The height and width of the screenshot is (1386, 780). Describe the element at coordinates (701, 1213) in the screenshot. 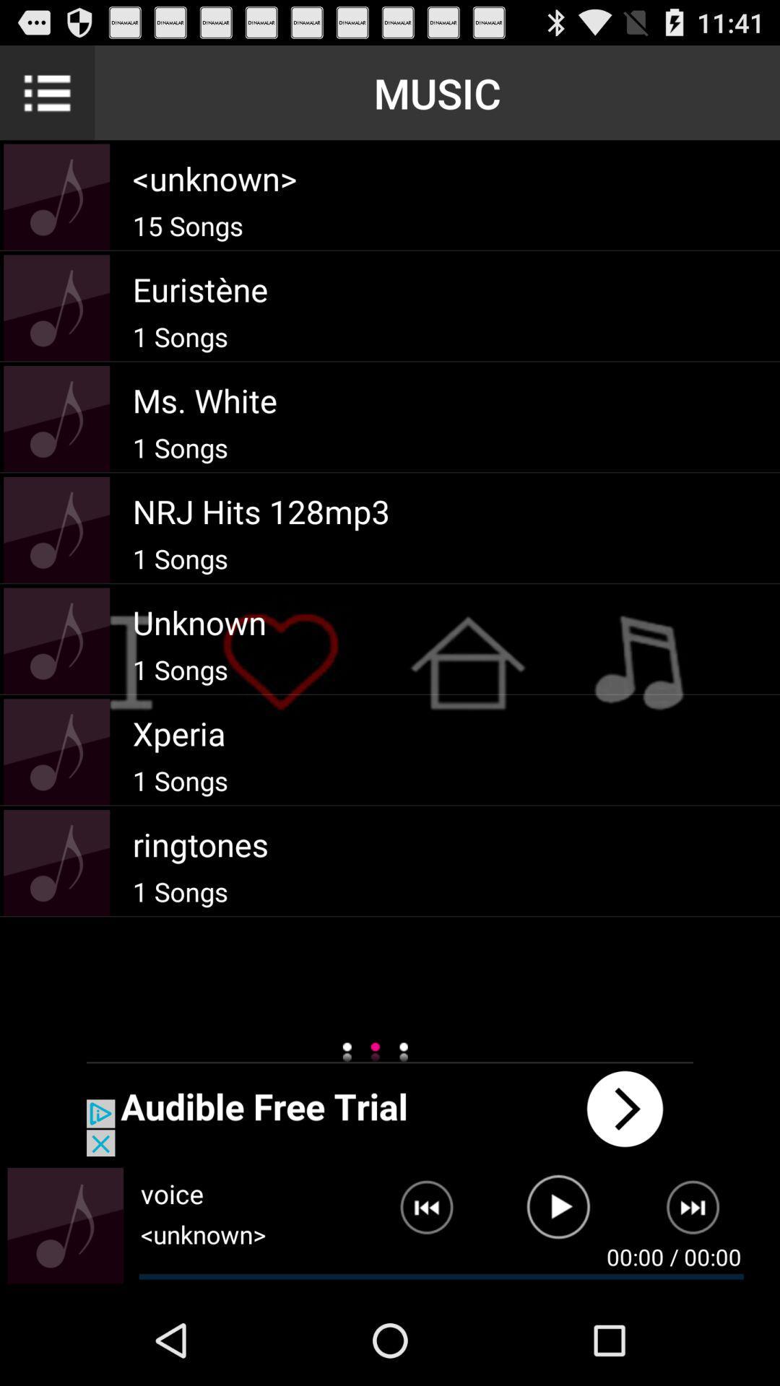

I see `next` at that location.